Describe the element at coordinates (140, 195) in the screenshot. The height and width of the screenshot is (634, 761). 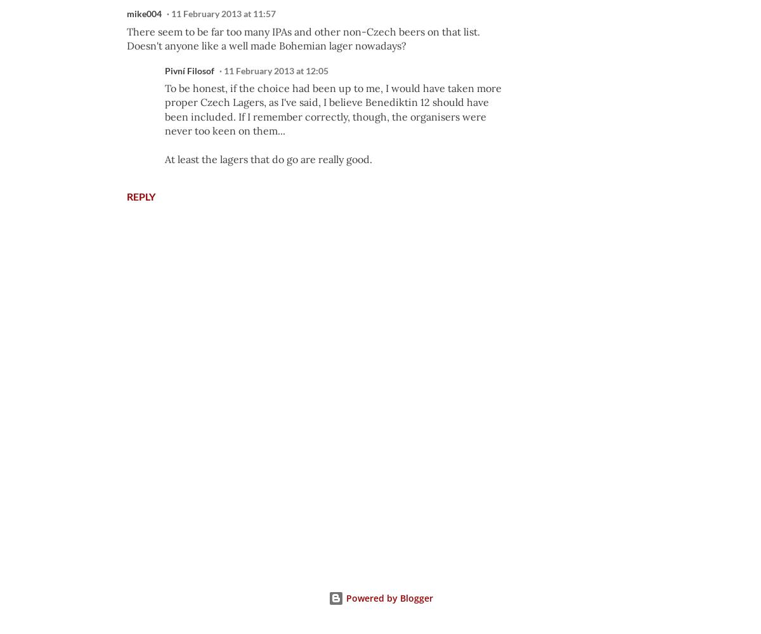
I see `'Reply'` at that location.